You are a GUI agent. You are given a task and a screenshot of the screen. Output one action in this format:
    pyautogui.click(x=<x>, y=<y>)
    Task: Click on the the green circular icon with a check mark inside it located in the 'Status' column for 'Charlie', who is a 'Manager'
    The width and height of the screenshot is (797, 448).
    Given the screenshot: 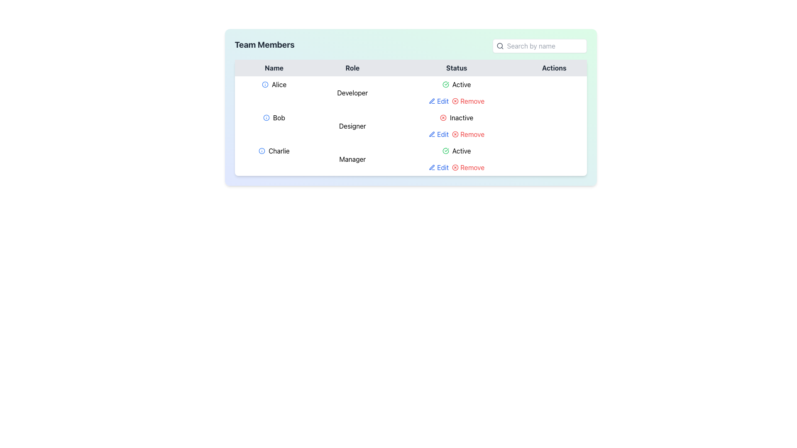 What is the action you would take?
    pyautogui.click(x=445, y=151)
    